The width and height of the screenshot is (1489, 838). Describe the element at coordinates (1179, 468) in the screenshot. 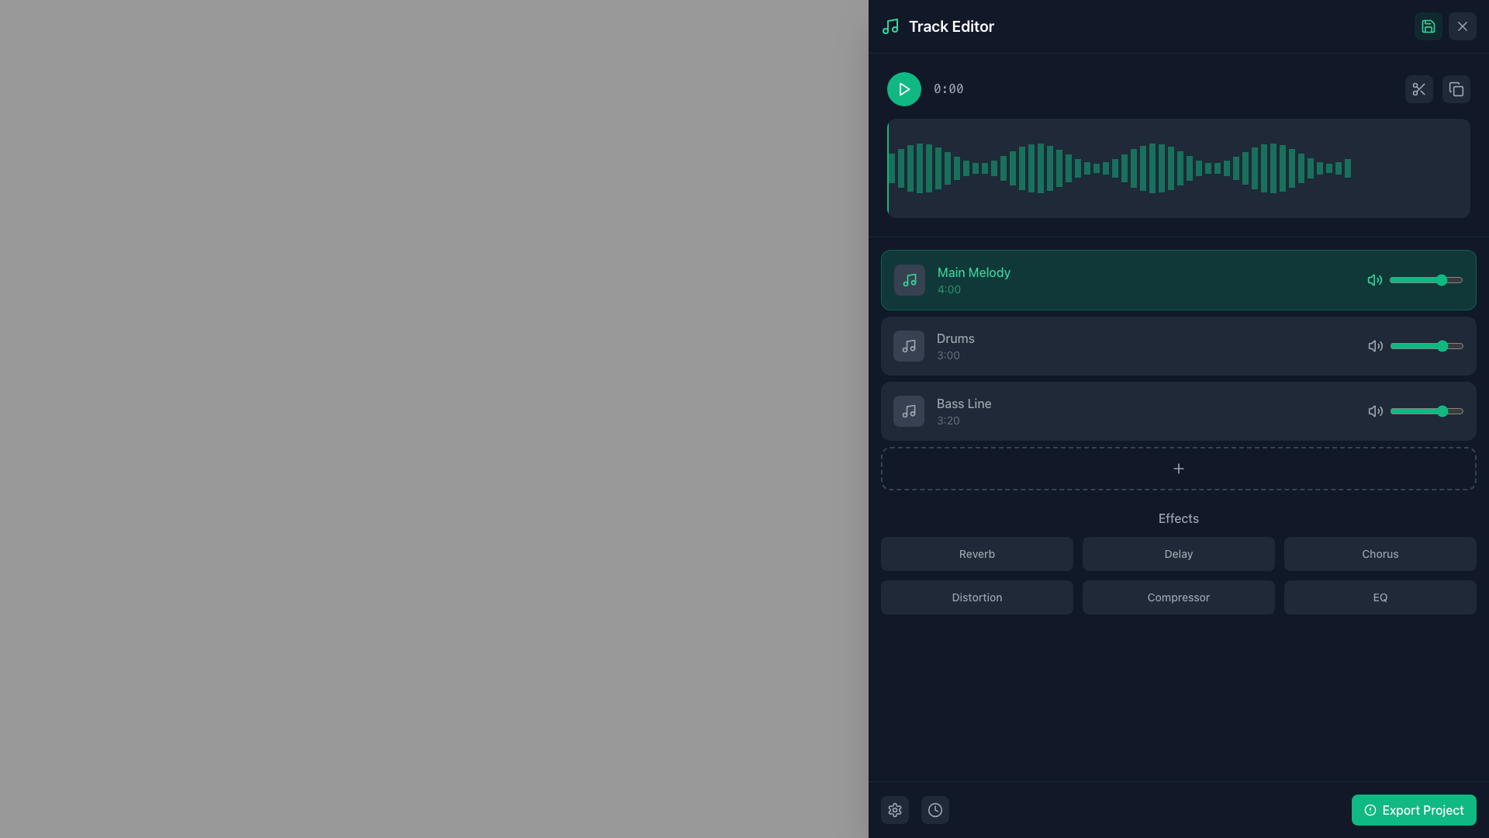

I see `the rectangular button with dashed borders and rounded corners styled in a dark theme, located at the bottom of a music track list` at that location.